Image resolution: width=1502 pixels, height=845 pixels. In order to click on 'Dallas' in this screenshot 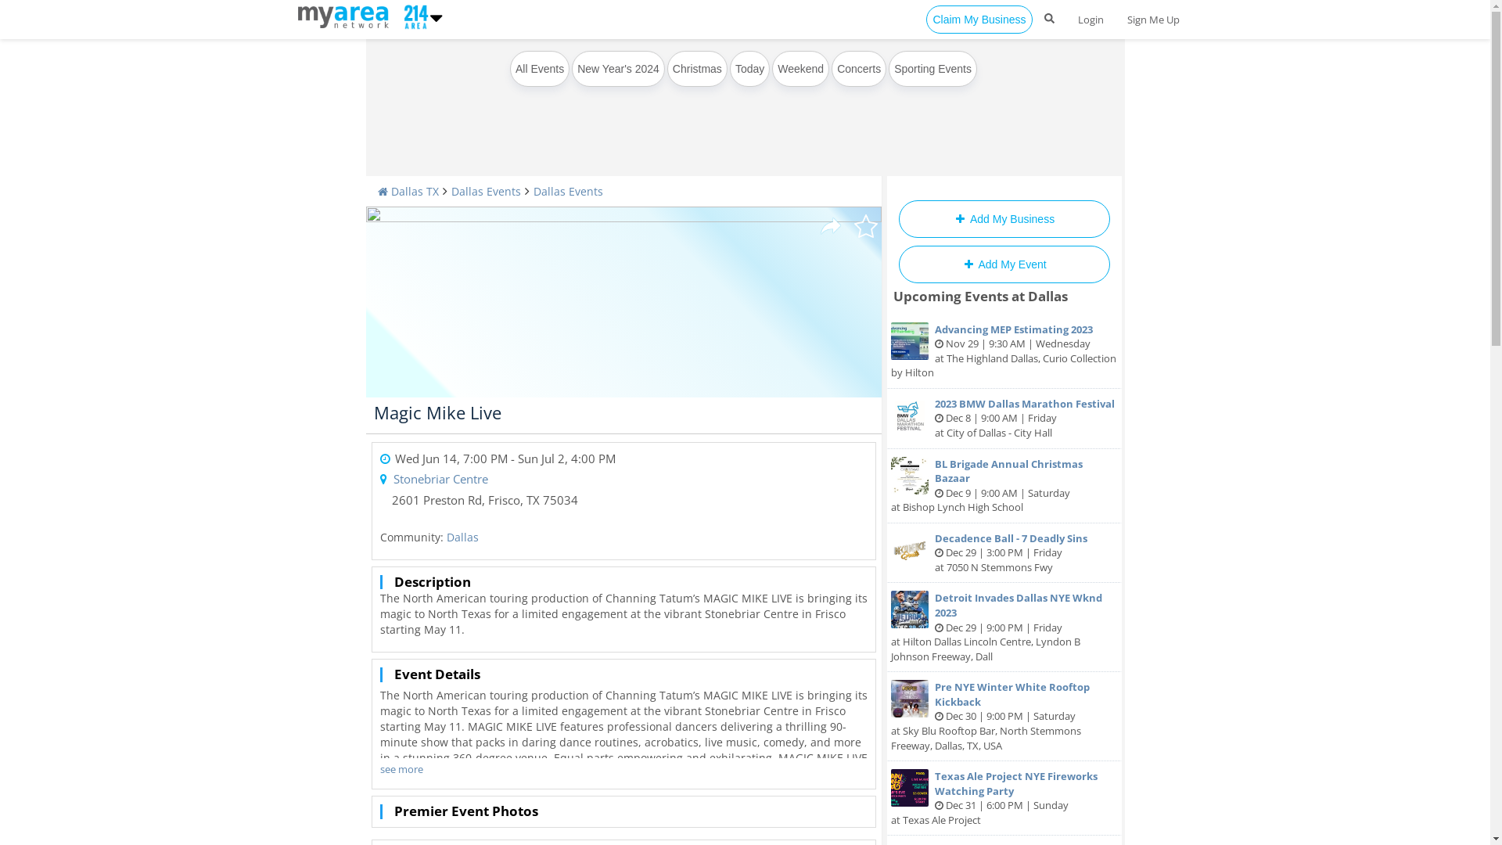, I will do `click(461, 536)`.